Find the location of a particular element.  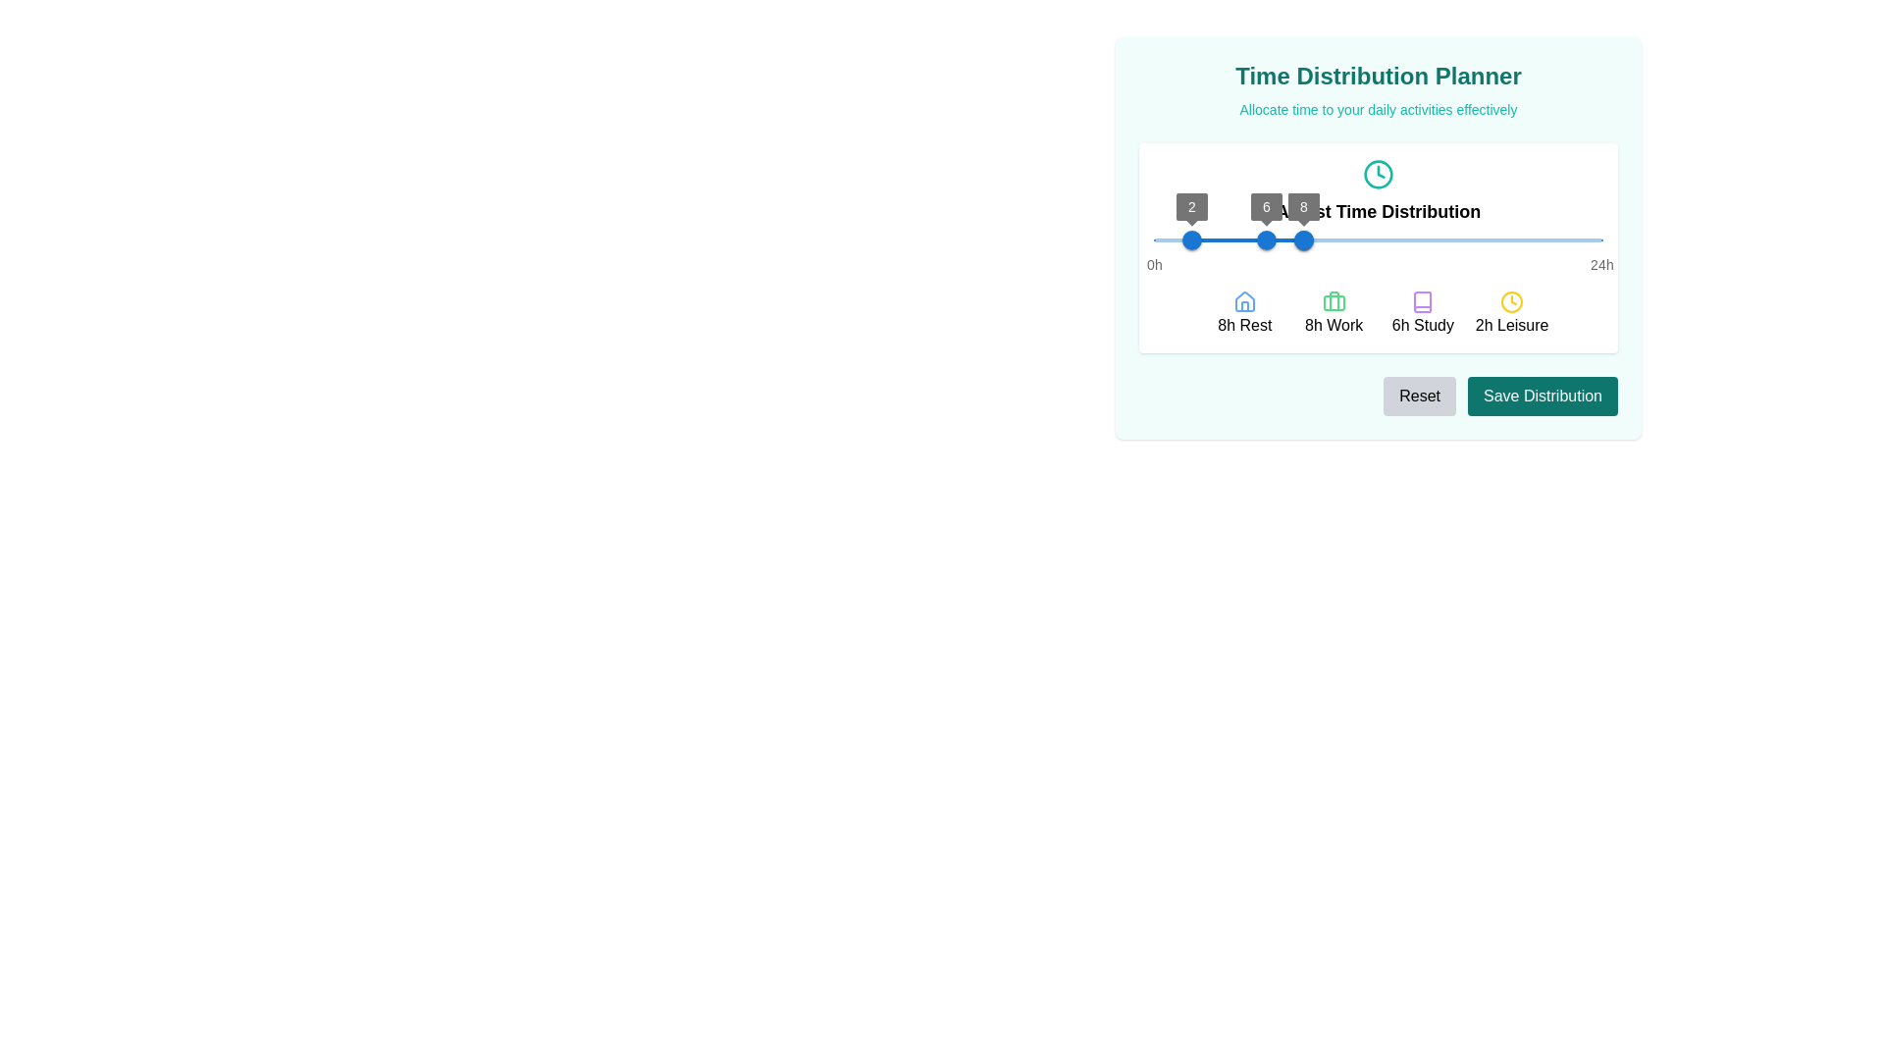

numeric value displayed on the circular label showing '8', which is positioned above the rightmost slider handle corresponding to the '8h Rest' label is located at coordinates (1304, 207).